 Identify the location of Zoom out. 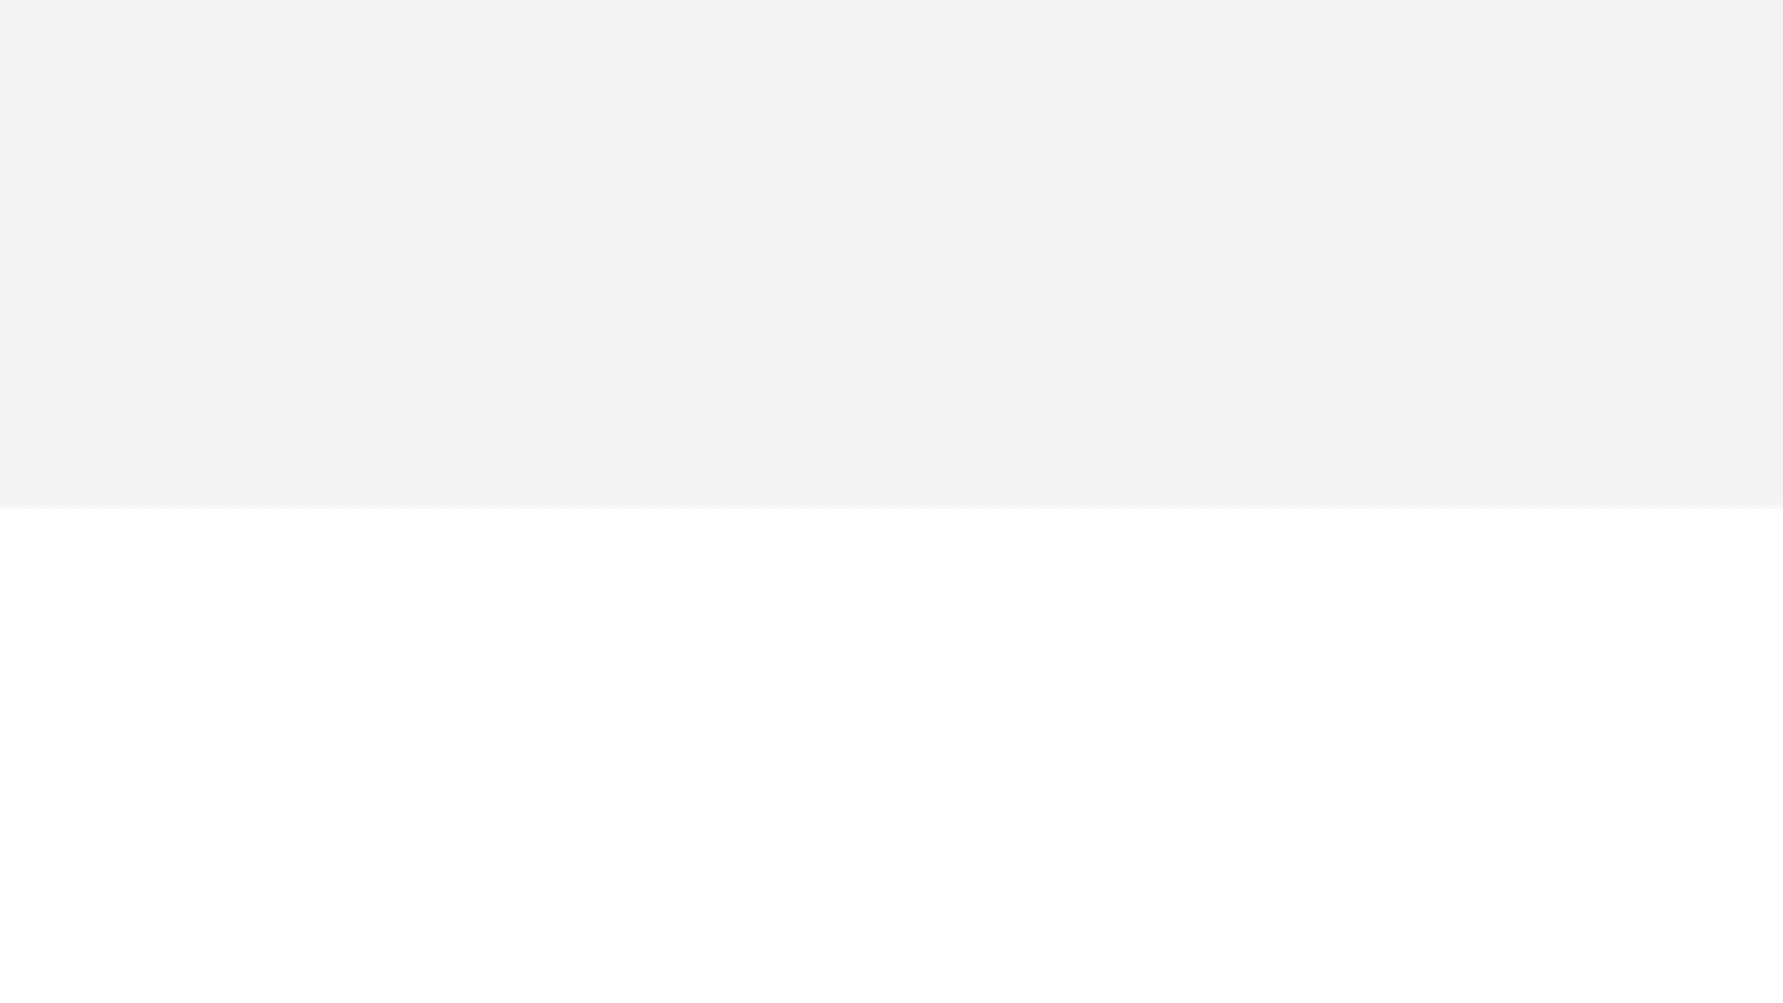
(1759, 161).